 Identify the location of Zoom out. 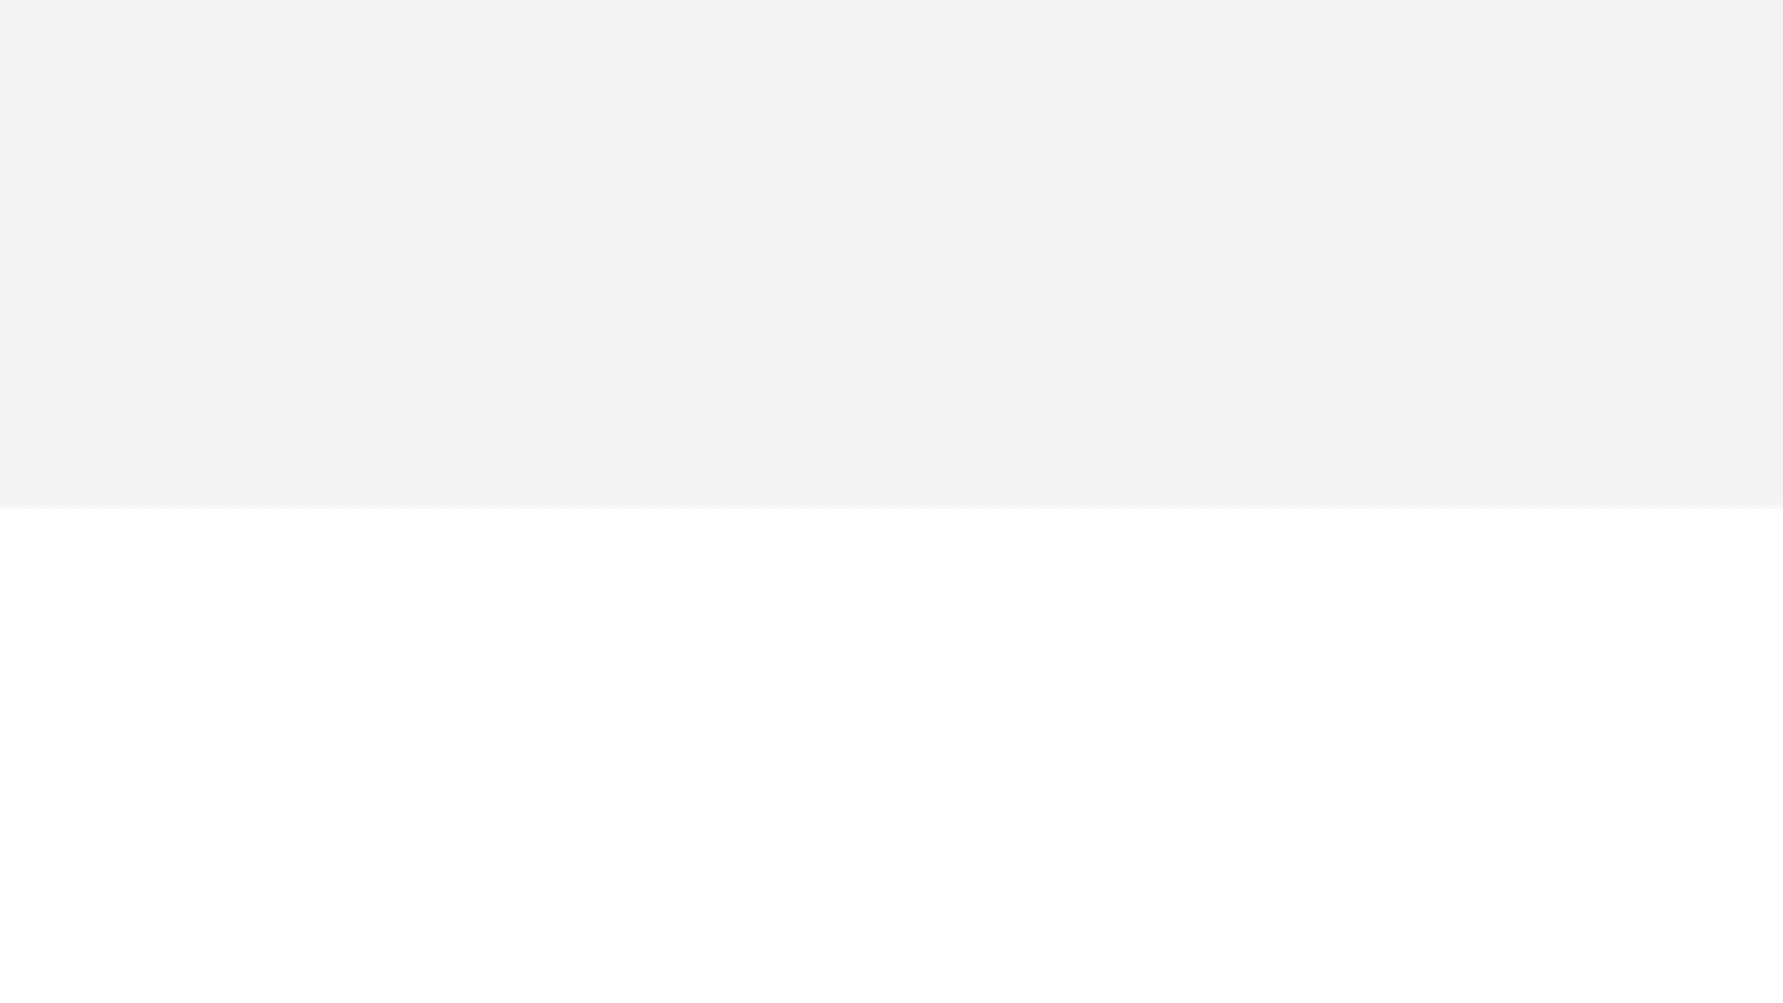
(1759, 161).